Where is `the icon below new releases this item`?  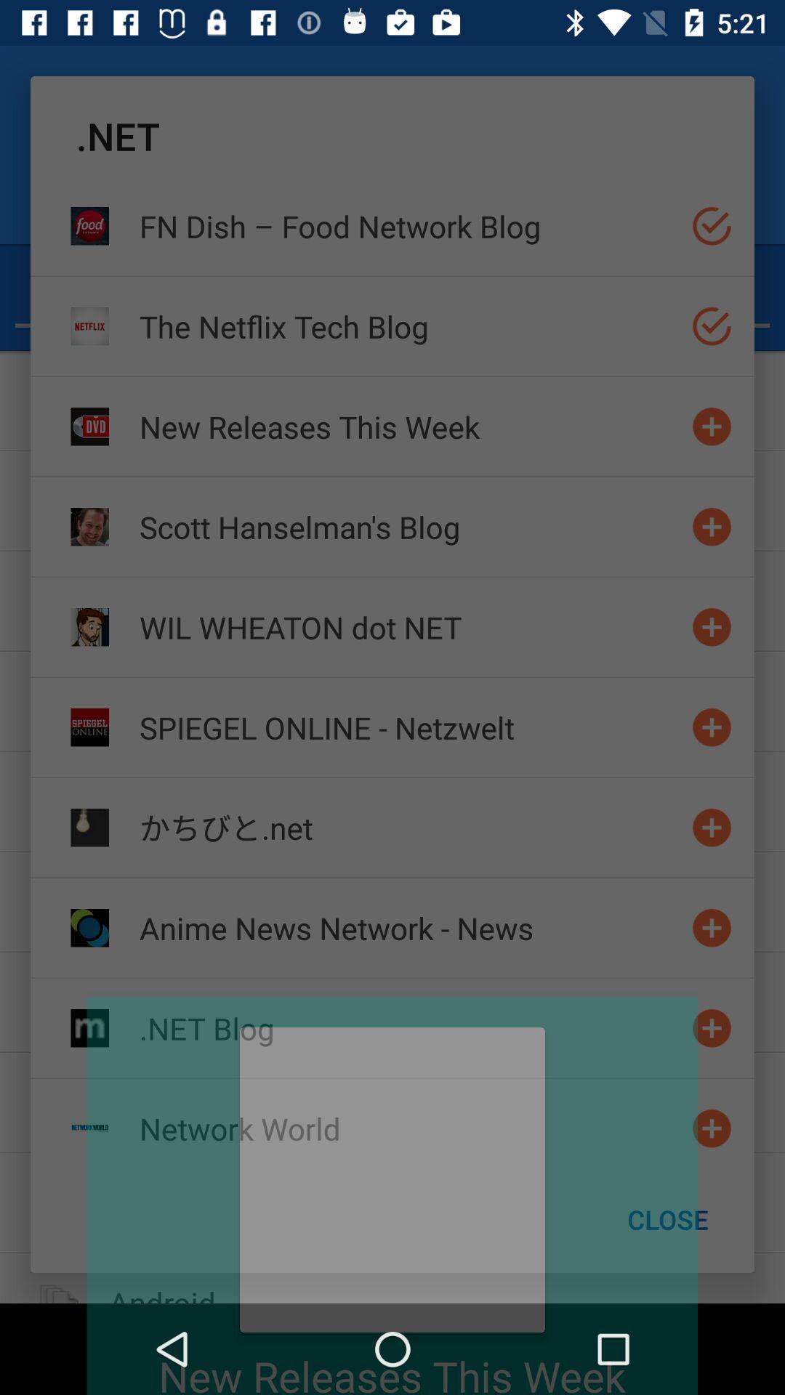 the icon below new releases this item is located at coordinates (409, 526).